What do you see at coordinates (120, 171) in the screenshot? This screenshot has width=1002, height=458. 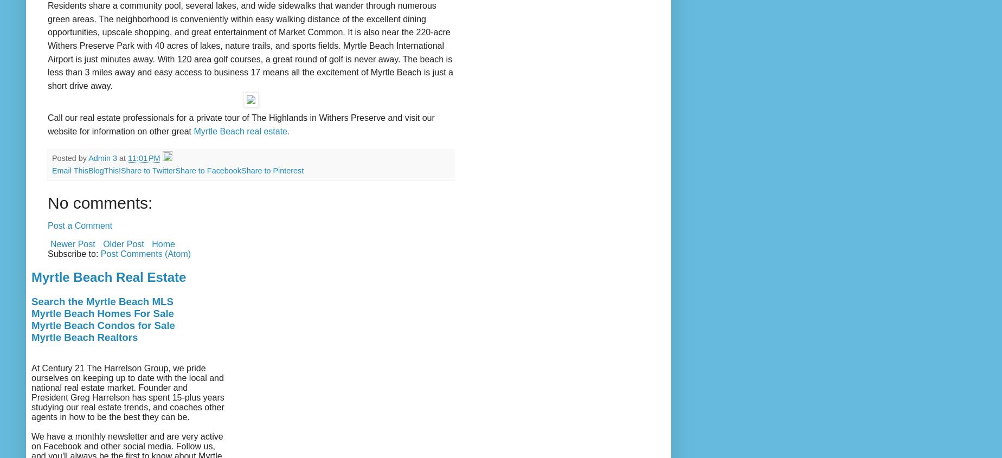 I see `'Share to Twitter'` at bounding box center [120, 171].